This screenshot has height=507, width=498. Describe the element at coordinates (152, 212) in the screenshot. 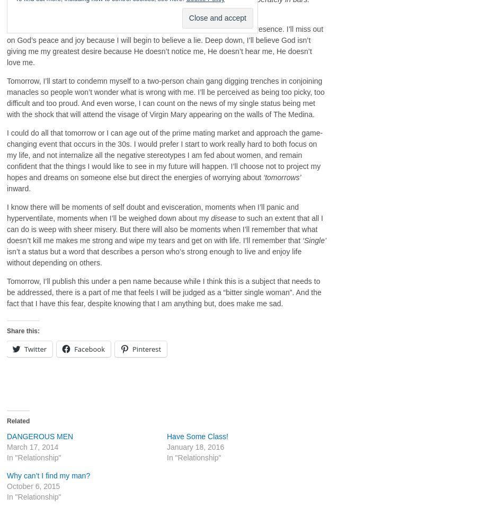

I see `'I know there will be moments of self doubt and evisceration, moments when I’ll panic and hyperventilate, moments when I’ll be weighed down about my'` at that location.